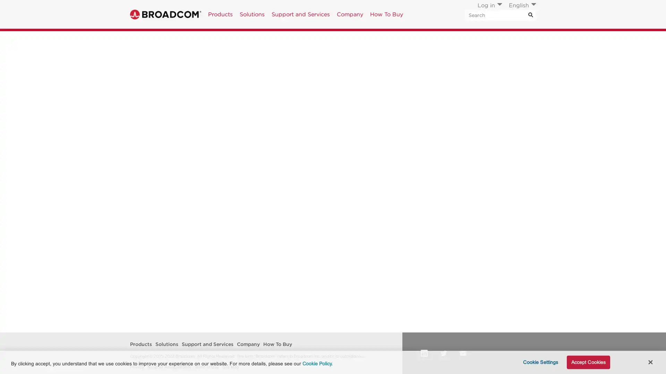 This screenshot has height=374, width=666. What do you see at coordinates (530, 15) in the screenshot?
I see `Search` at bounding box center [530, 15].